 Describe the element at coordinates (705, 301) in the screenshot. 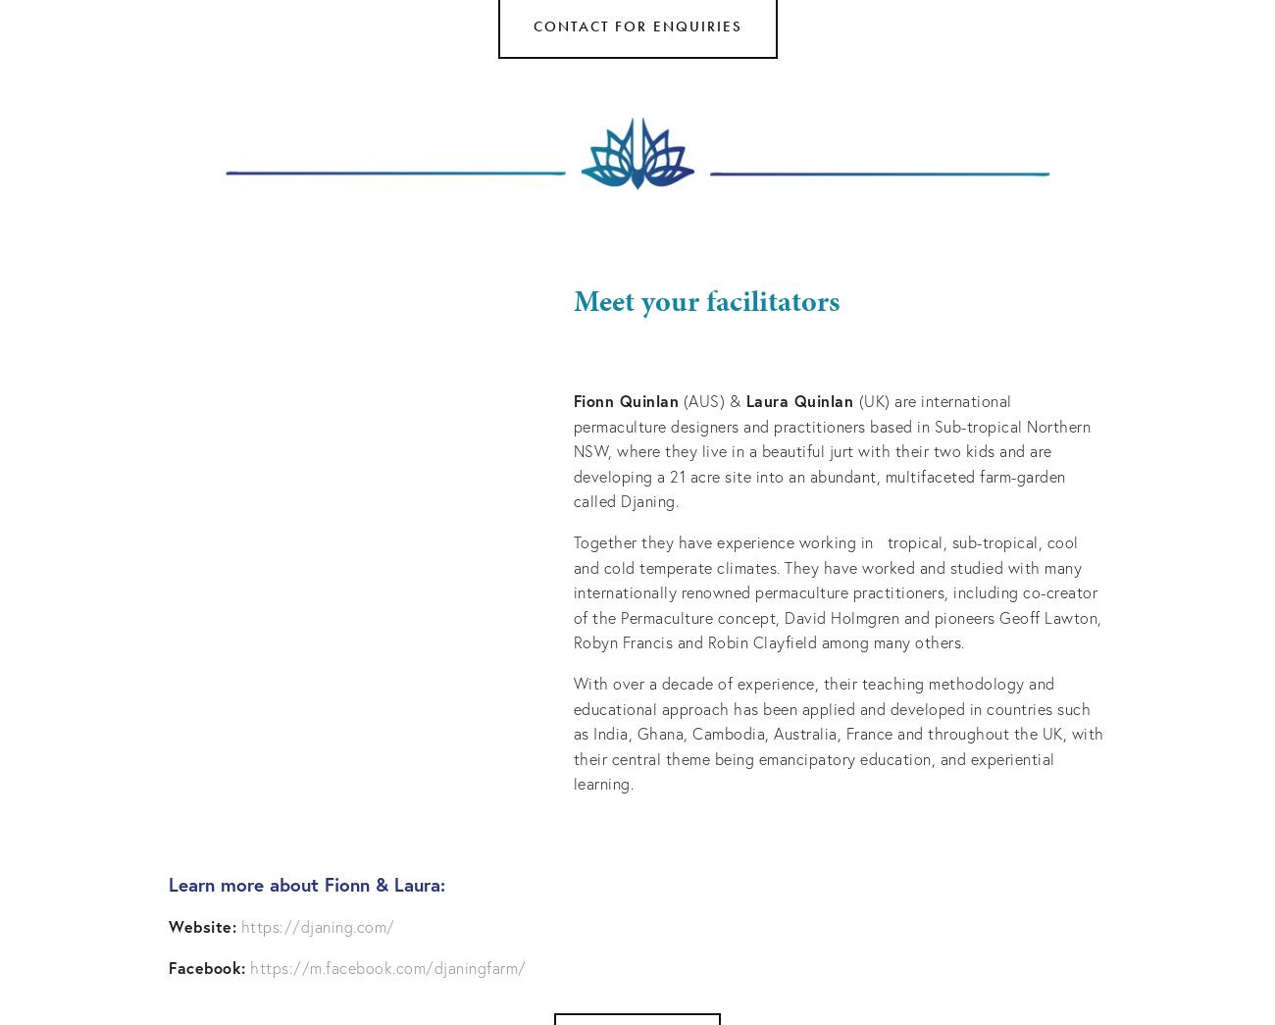

I see `'Meet your facilitators'` at that location.